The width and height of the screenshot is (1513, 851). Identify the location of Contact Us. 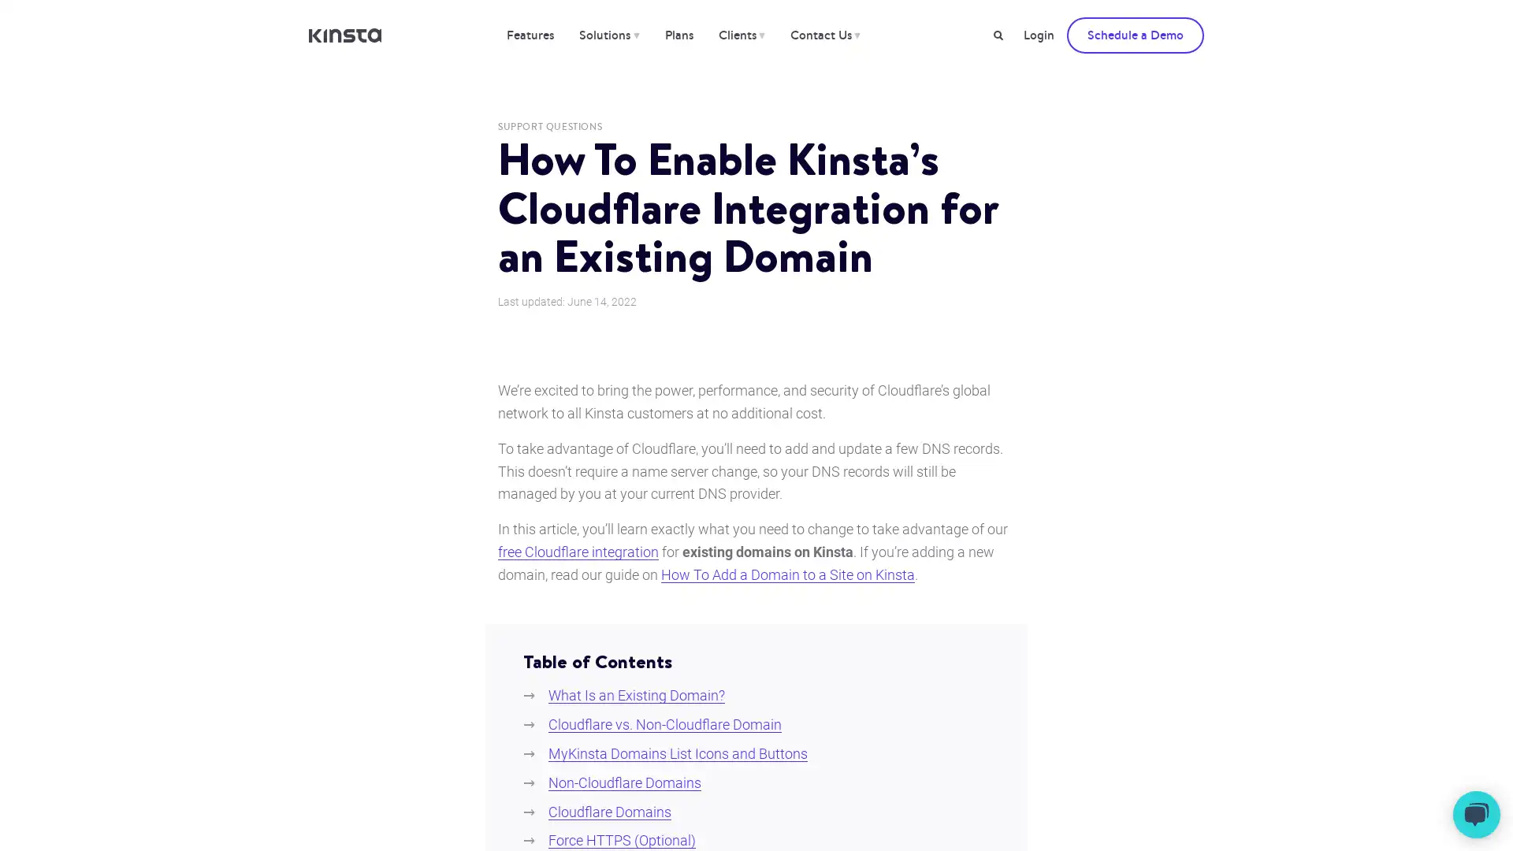
(823, 35).